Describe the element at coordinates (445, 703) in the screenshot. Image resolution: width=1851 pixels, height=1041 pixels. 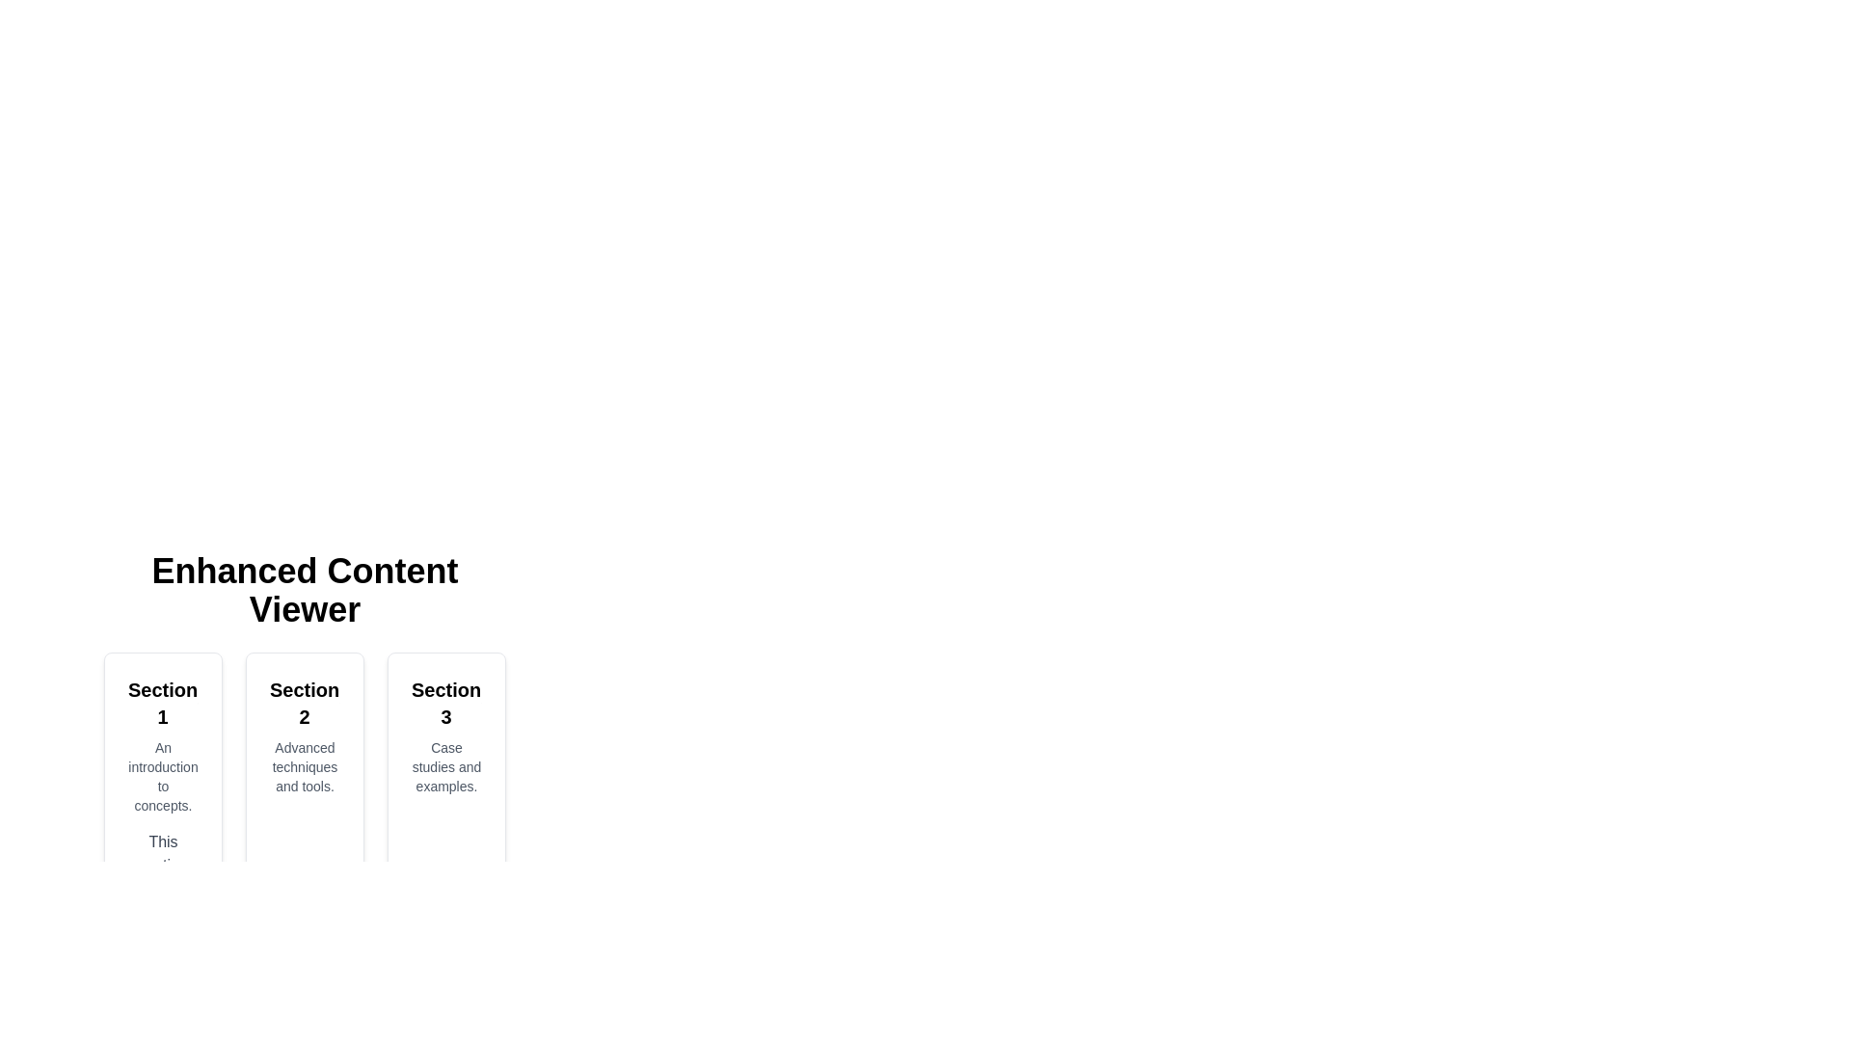
I see `the header text element labeled 'Section 3' which is positioned at the top of the card in a grid layout` at that location.